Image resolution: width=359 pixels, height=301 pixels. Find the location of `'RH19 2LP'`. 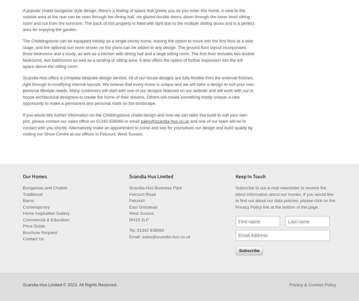

'RH19 2LP' is located at coordinates (138, 219).